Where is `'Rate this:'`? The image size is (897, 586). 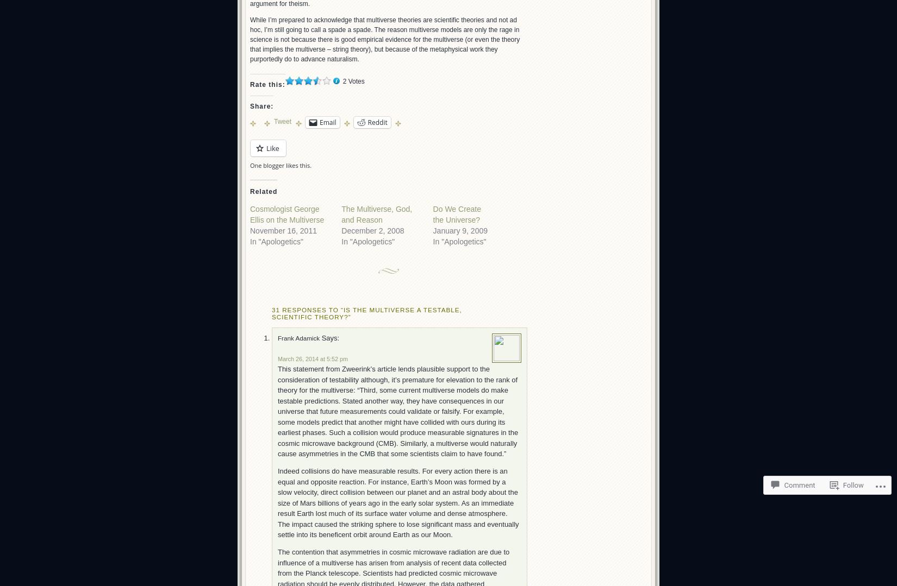
'Rate this:' is located at coordinates (267, 84).